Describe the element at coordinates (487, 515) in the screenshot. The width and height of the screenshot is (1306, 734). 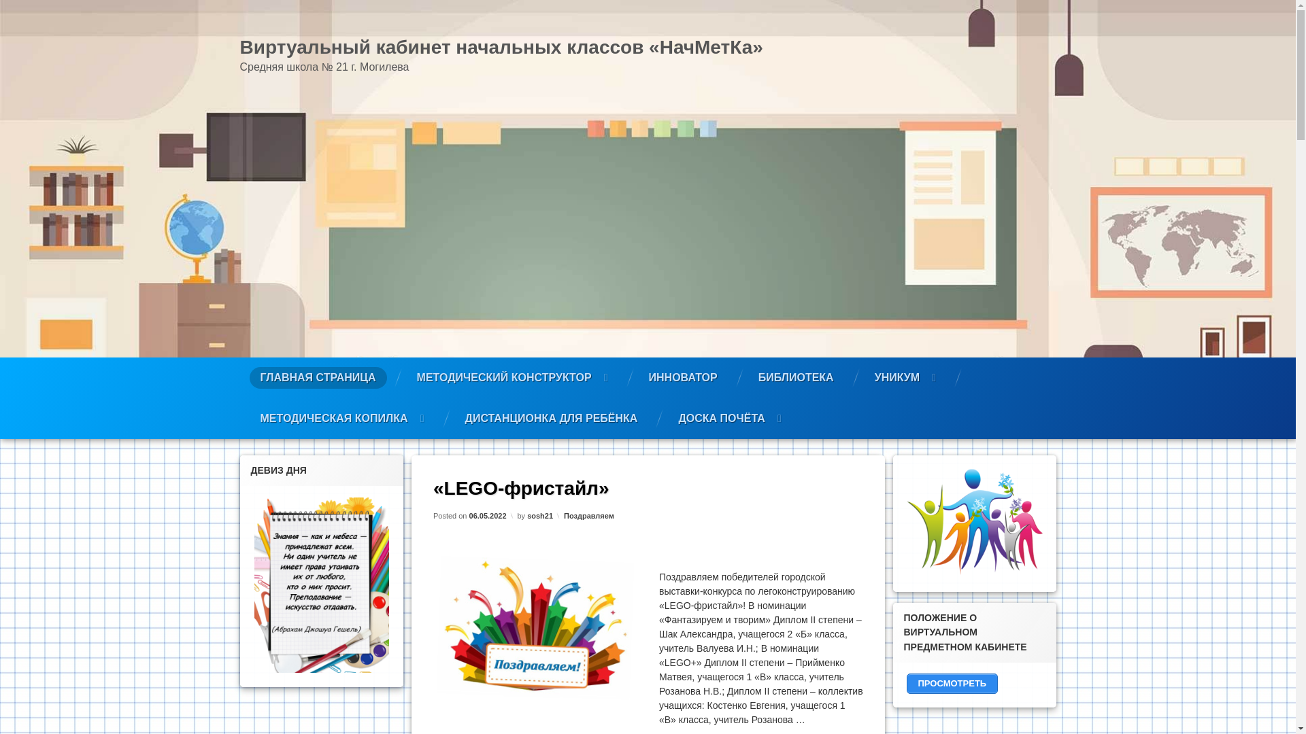
I see `'06.05.2022'` at that location.